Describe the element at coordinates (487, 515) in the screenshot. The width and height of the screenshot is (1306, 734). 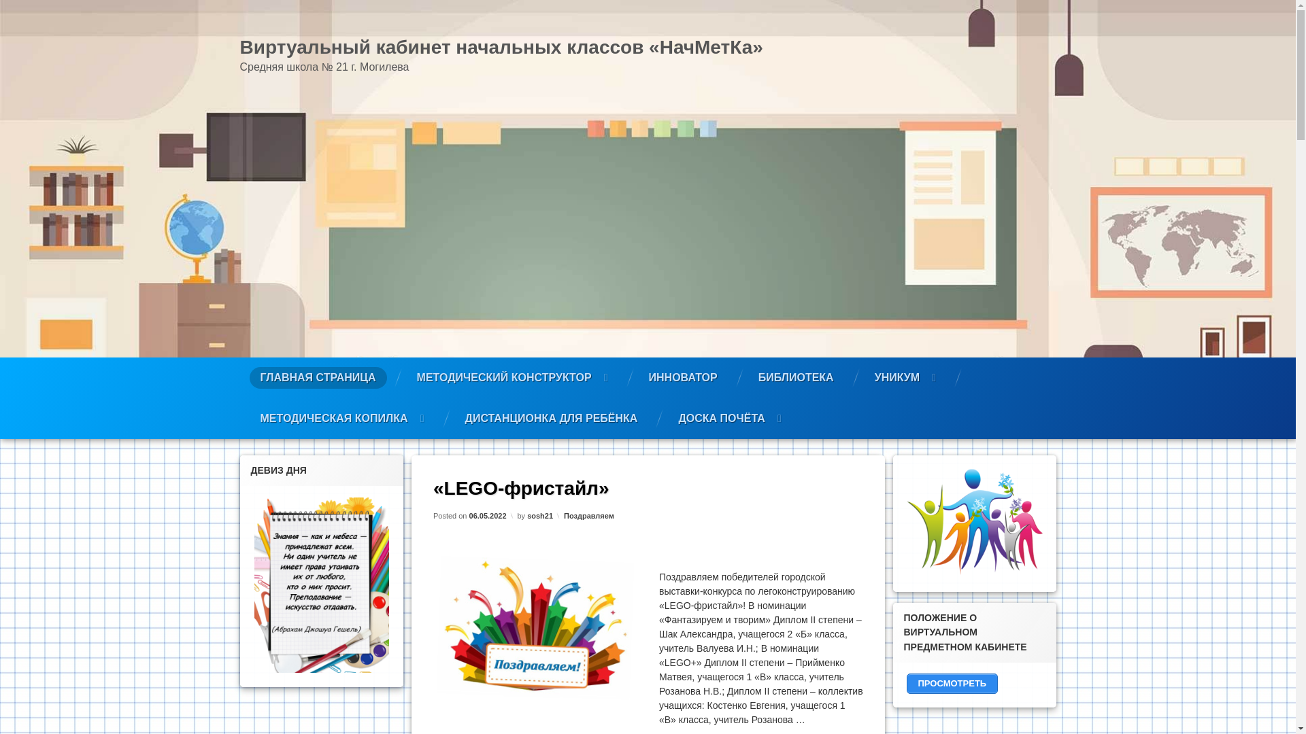
I see `'06.05.2022'` at that location.